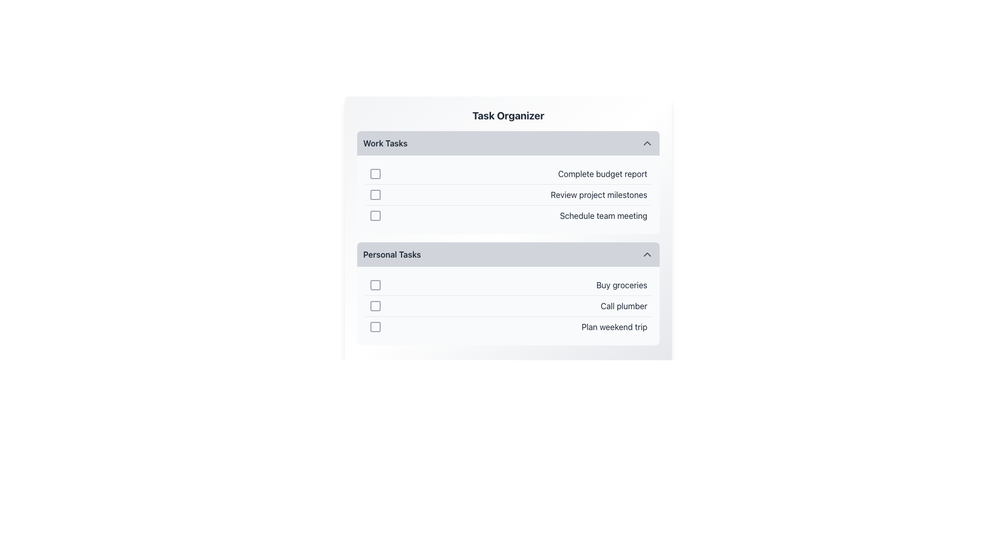 This screenshot has height=551, width=981. I want to click on the unselected checkbox located, so click(375, 173).